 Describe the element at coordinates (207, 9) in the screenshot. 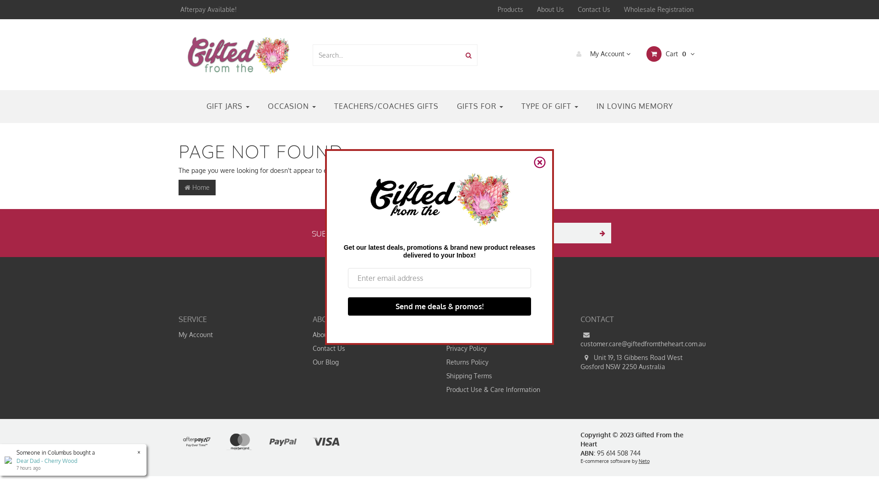

I see `'Afterpay Available!'` at that location.